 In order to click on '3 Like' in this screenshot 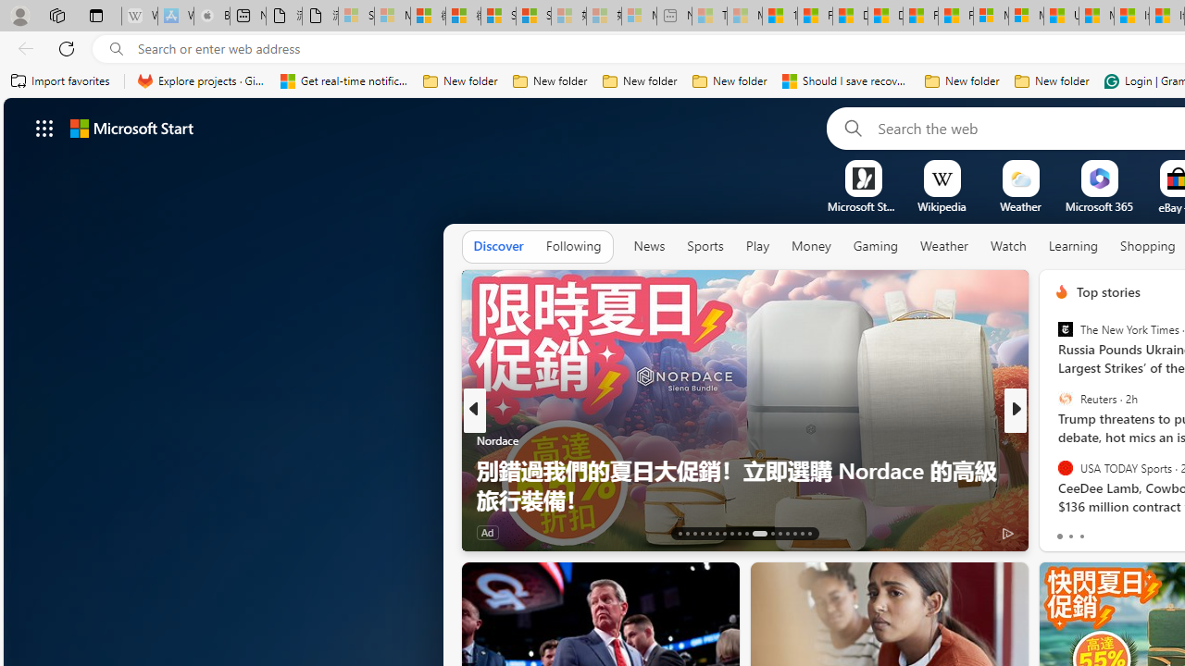, I will do `click(1060, 532)`.